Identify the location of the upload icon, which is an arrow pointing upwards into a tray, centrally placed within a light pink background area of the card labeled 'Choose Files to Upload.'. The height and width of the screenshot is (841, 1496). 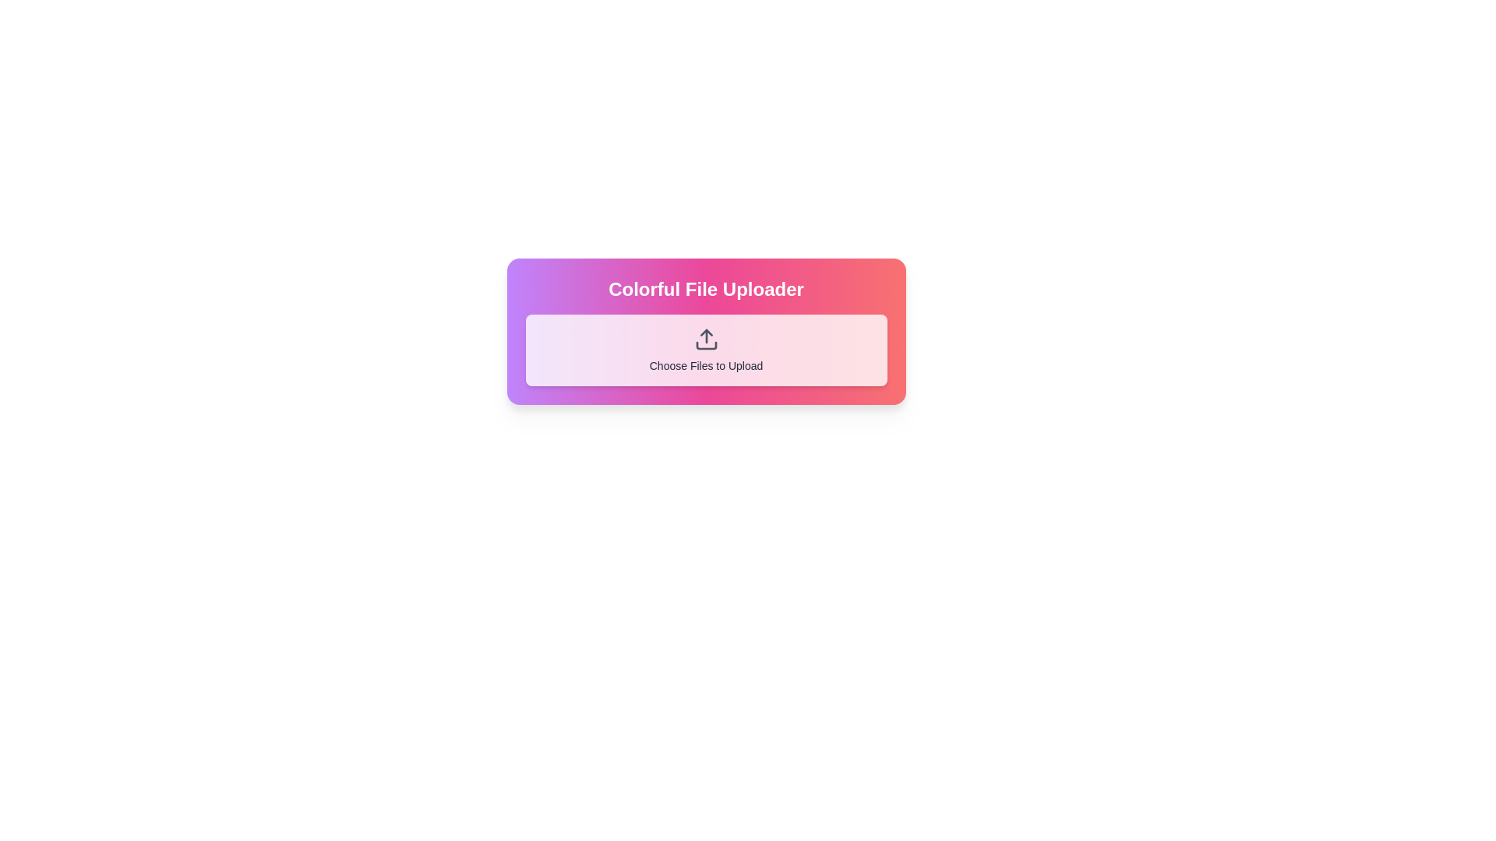
(705, 338).